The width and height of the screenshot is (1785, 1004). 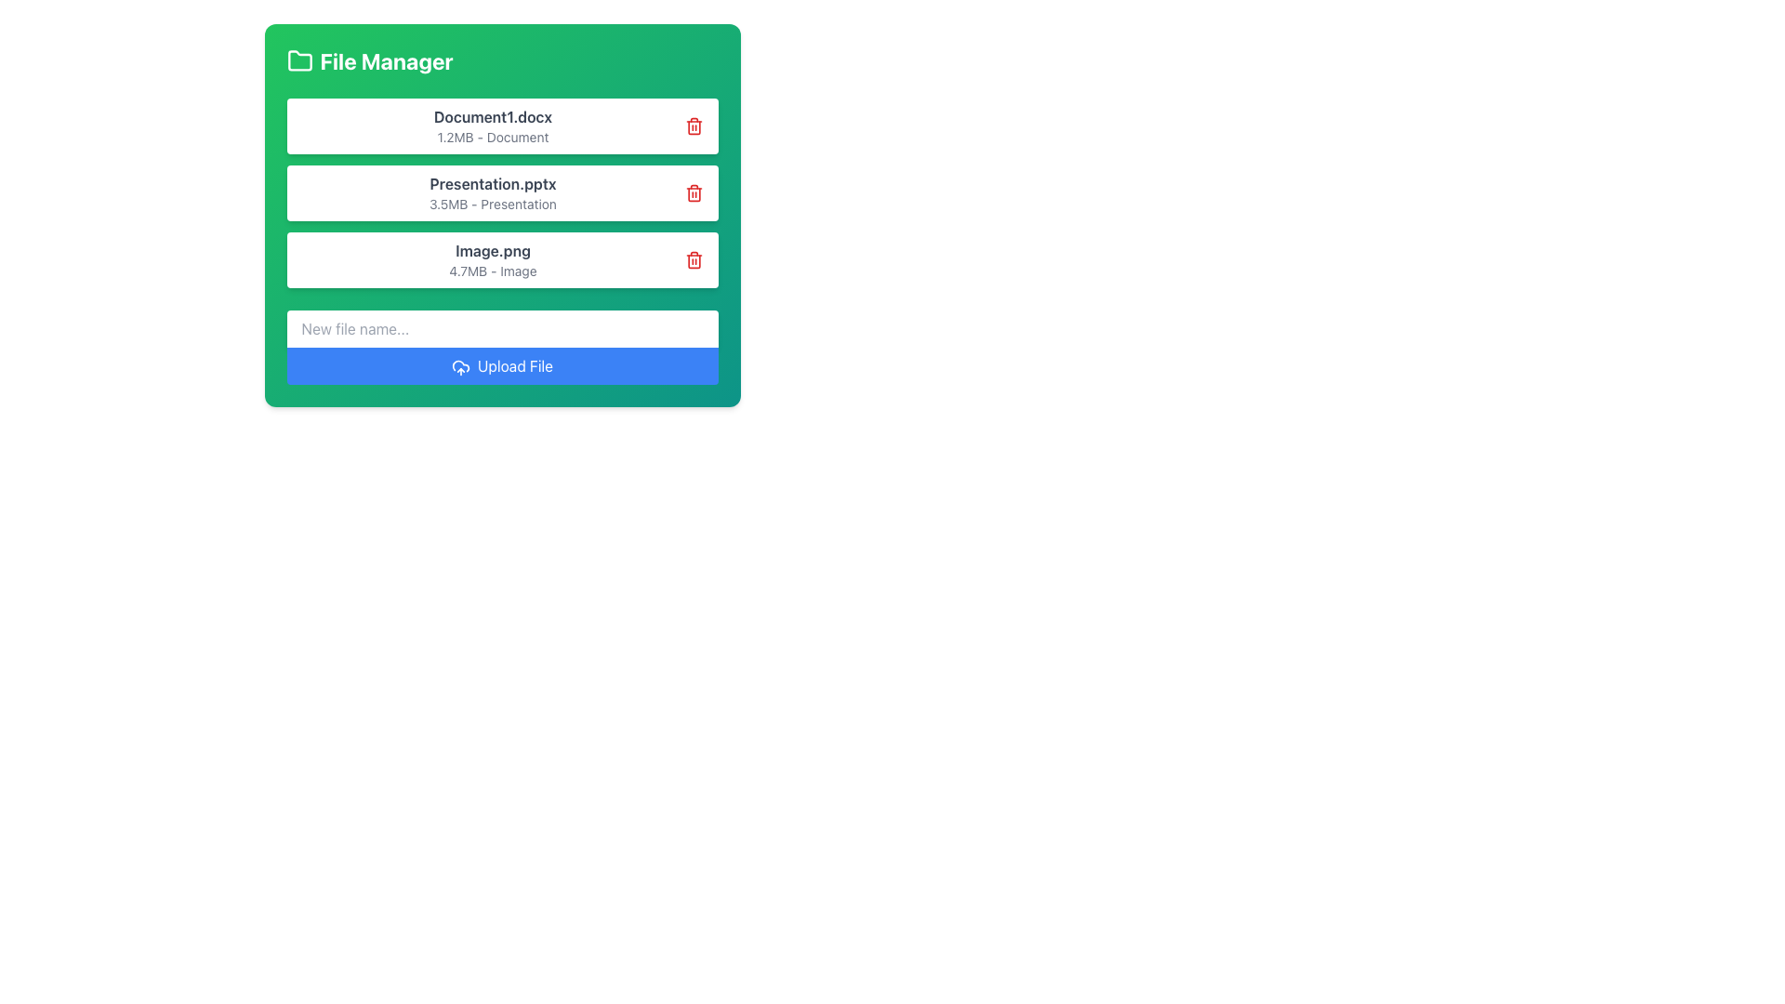 I want to click on the second file entry in the list, which is a representation of a file listing displaying its name and details, so click(x=502, y=193).